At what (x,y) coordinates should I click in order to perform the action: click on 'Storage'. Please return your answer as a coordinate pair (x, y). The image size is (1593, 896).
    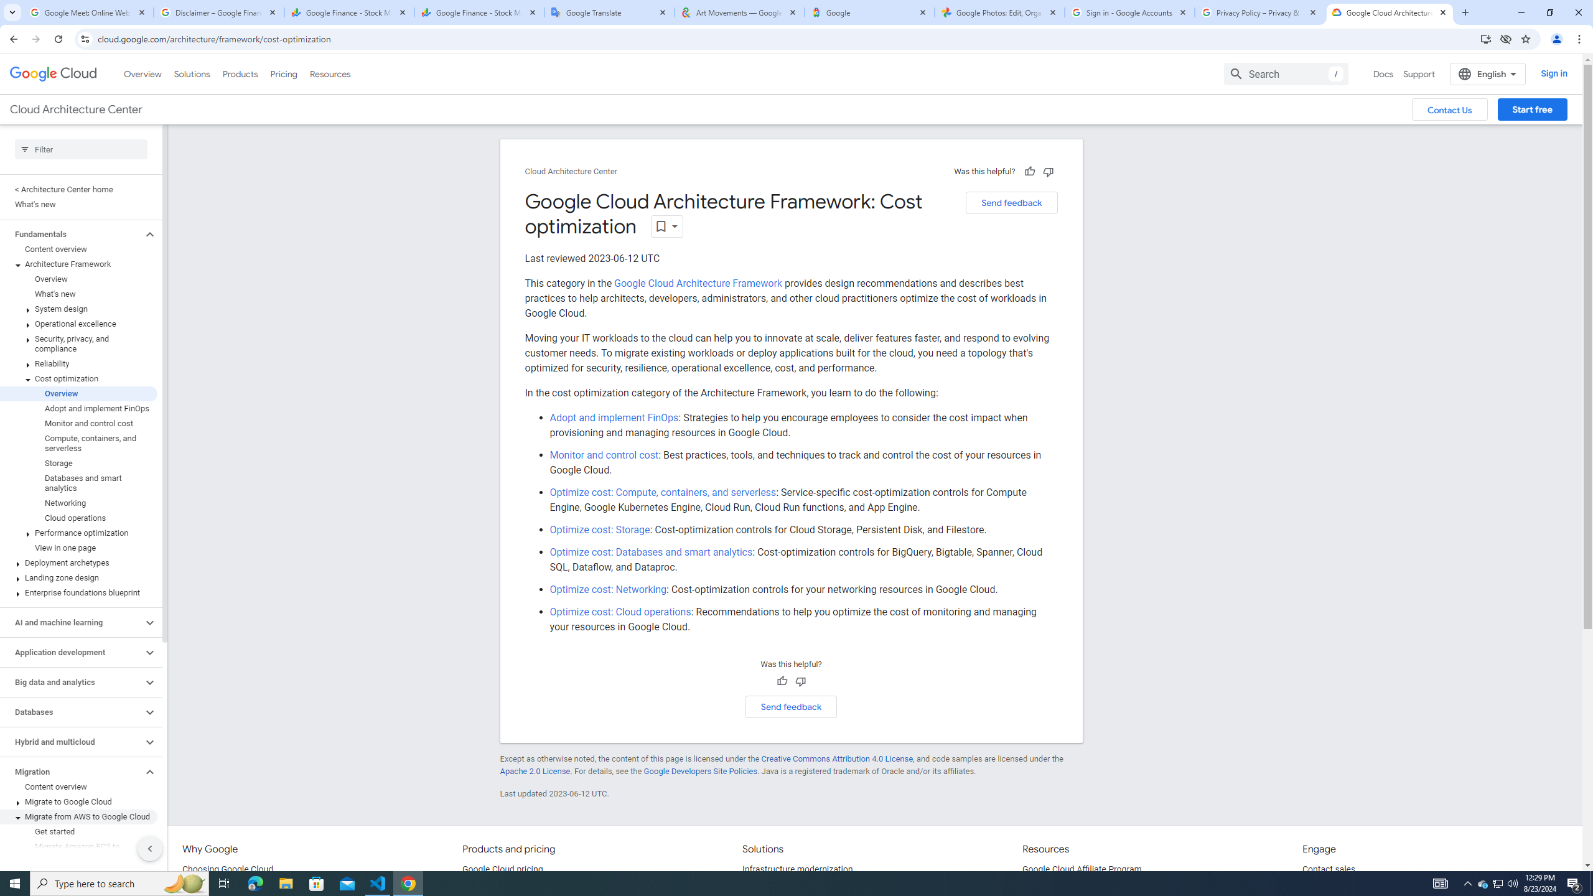
    Looking at the image, I should click on (78, 463).